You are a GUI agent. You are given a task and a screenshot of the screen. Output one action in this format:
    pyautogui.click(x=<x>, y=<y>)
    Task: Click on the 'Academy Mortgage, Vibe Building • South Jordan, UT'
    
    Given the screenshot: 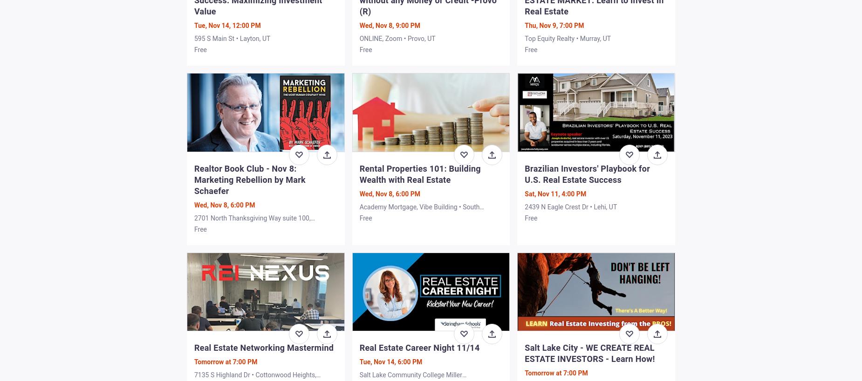 What is the action you would take?
    pyautogui.click(x=419, y=211)
    